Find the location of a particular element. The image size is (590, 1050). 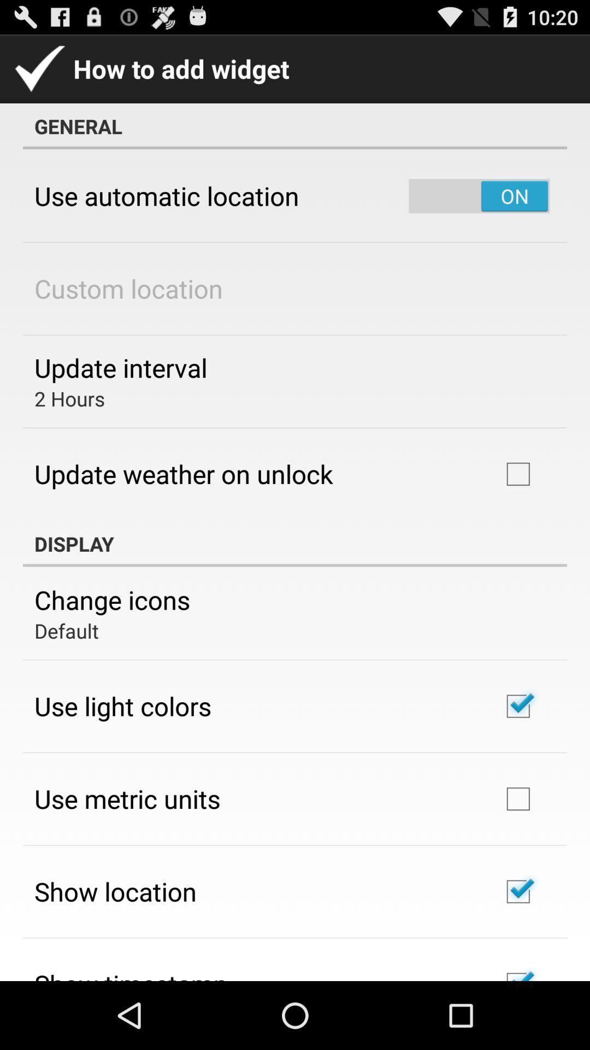

2 hours is located at coordinates (69, 398).